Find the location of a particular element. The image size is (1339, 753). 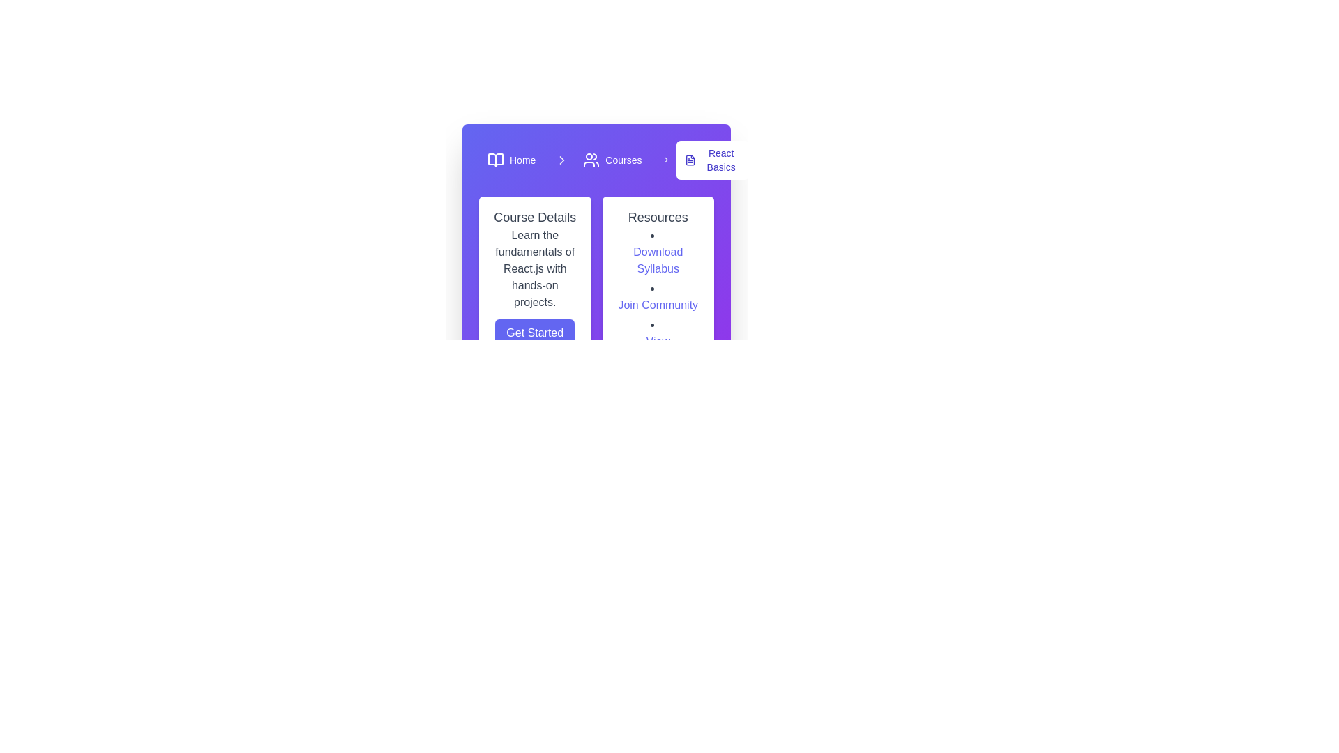

the blue-colored hyperlink labeled 'Join Community' located in the 'Resources' section, which is the second item in the list under the third card from the left is located at coordinates (657, 305).